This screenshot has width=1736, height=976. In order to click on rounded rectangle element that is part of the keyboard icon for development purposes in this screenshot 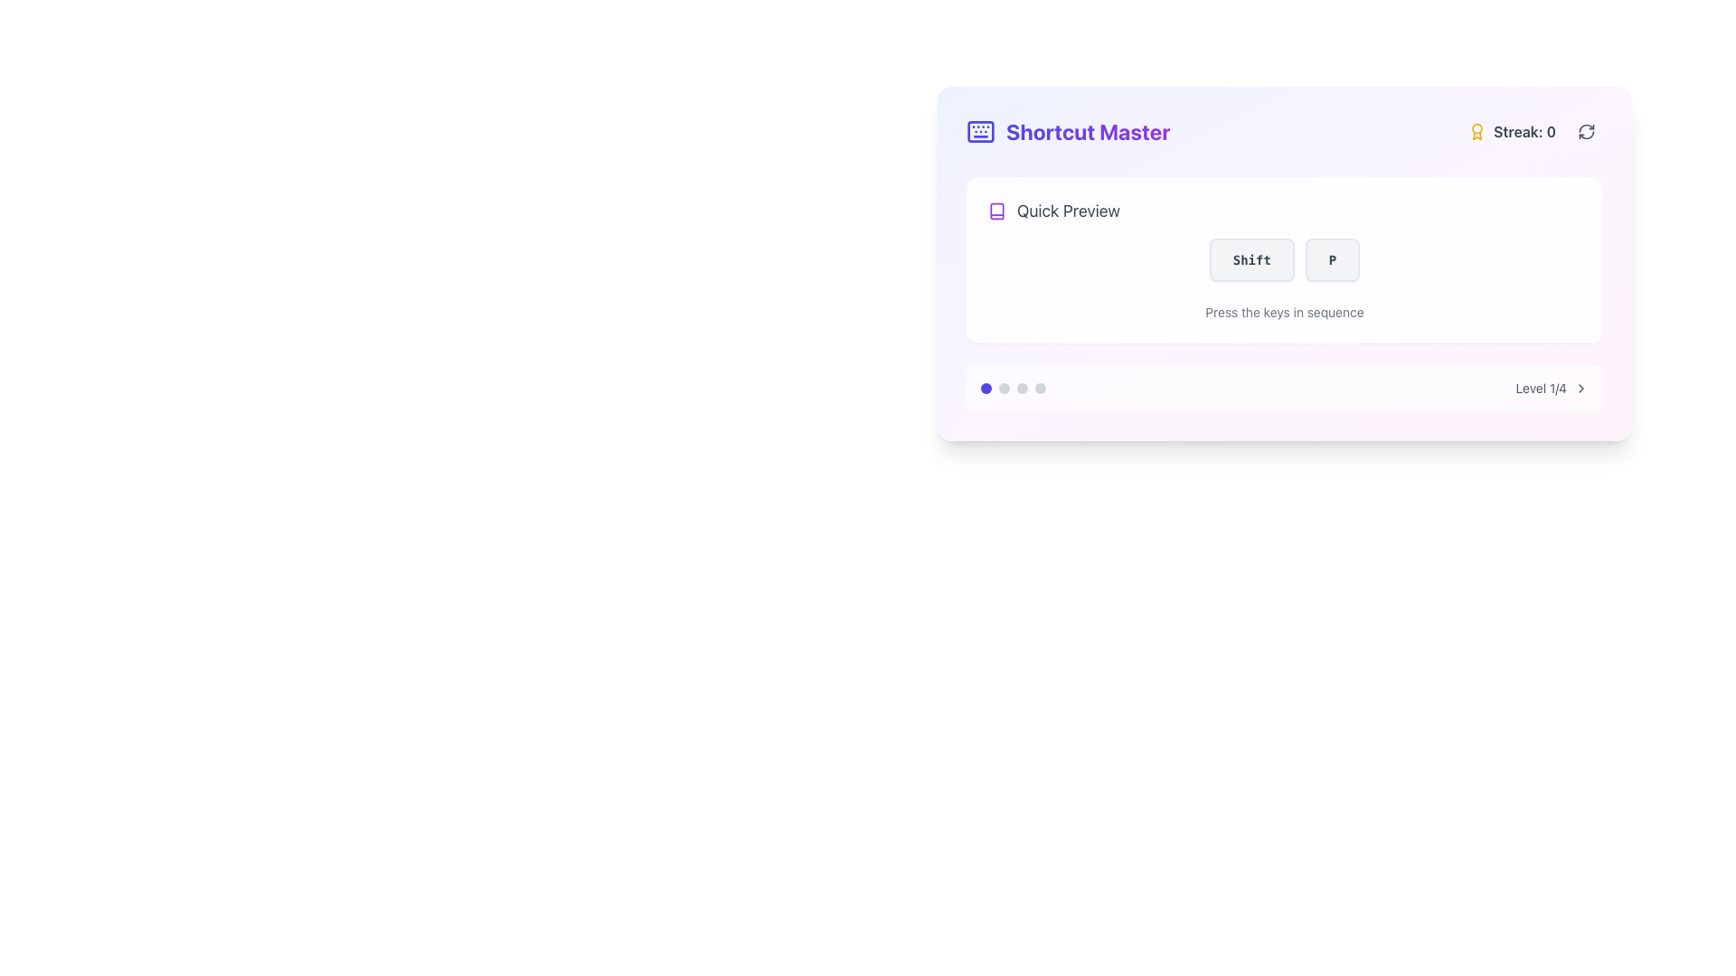, I will do `click(979, 131)`.